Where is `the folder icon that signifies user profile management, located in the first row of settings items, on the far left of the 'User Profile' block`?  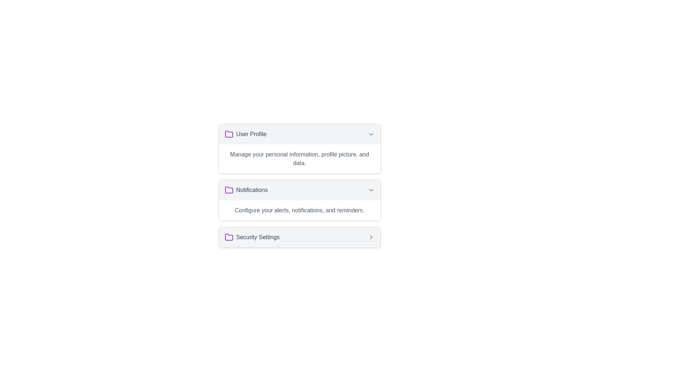
the folder icon that signifies user profile management, located in the first row of settings items, on the far left of the 'User Profile' block is located at coordinates (228, 134).